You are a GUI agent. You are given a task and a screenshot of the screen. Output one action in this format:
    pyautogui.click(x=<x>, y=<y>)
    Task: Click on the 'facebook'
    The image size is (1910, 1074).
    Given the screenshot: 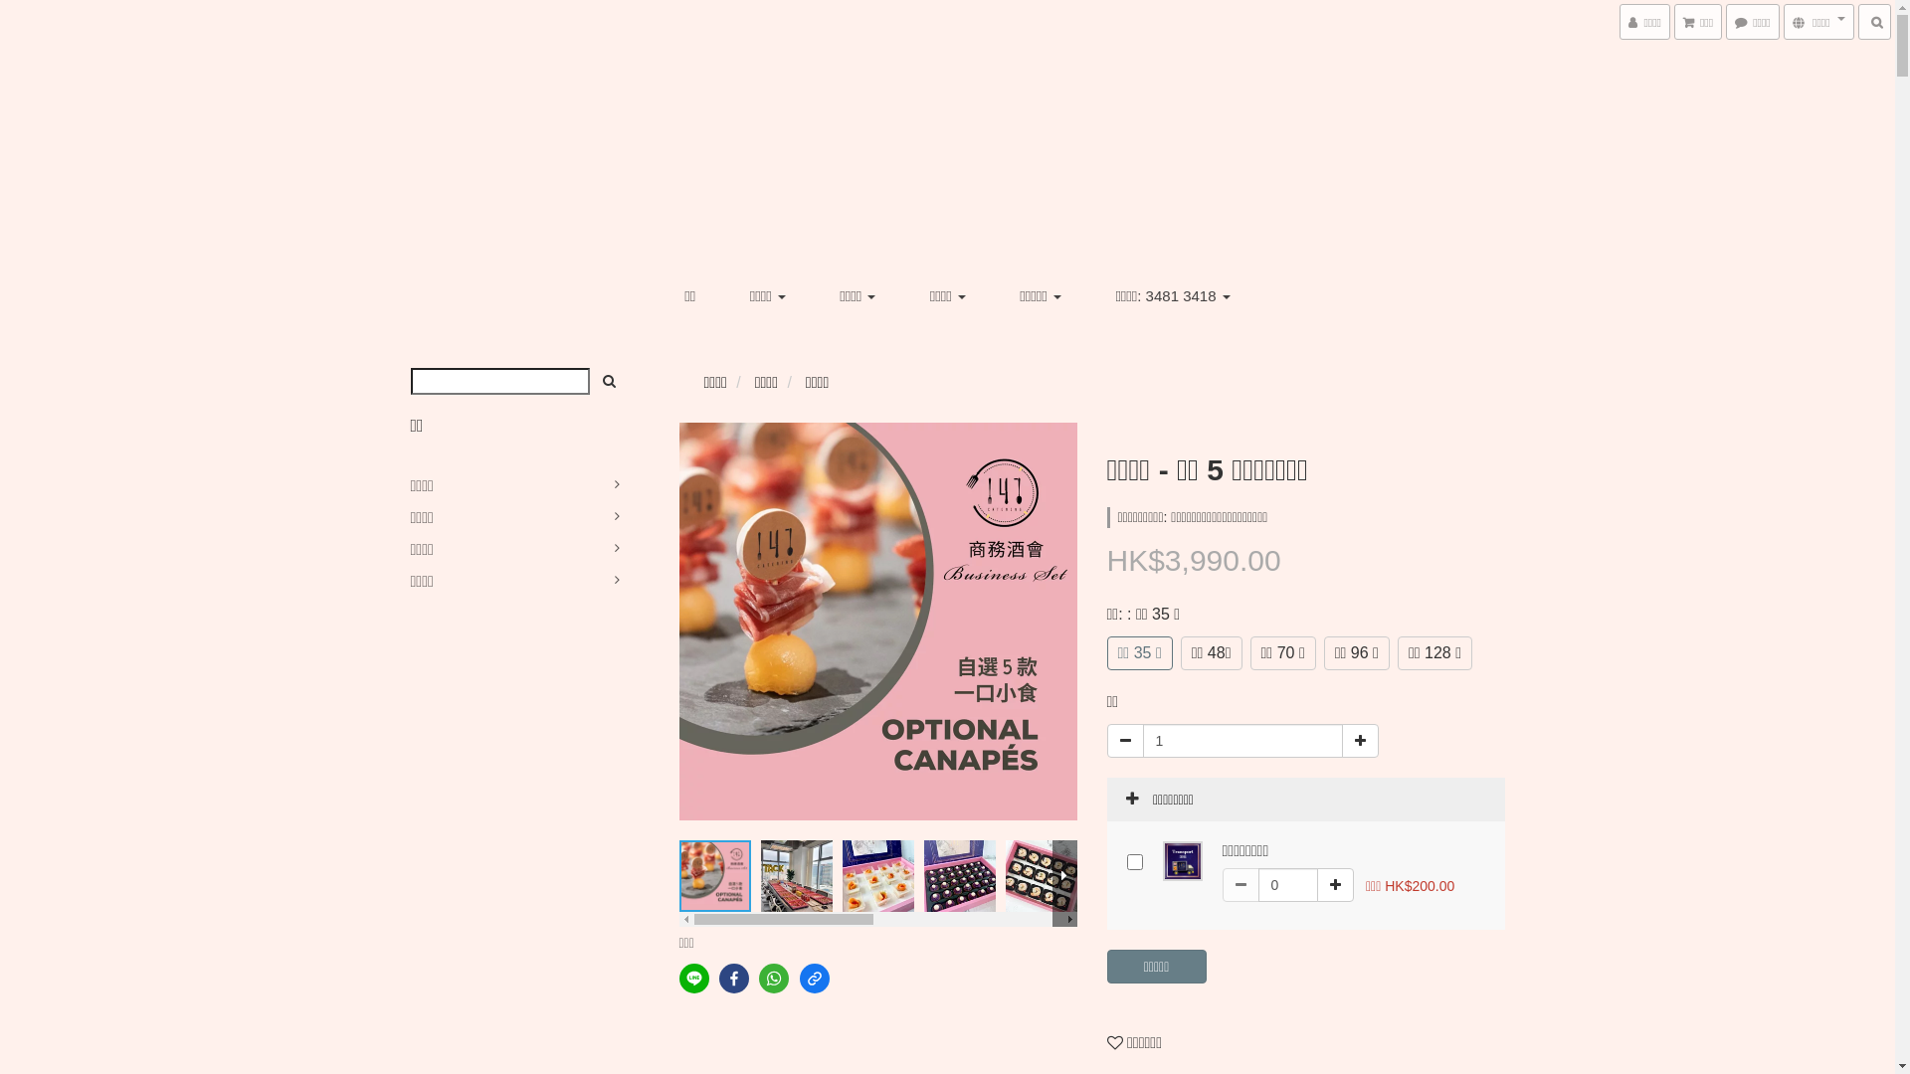 What is the action you would take?
    pyautogui.click(x=733, y=977)
    